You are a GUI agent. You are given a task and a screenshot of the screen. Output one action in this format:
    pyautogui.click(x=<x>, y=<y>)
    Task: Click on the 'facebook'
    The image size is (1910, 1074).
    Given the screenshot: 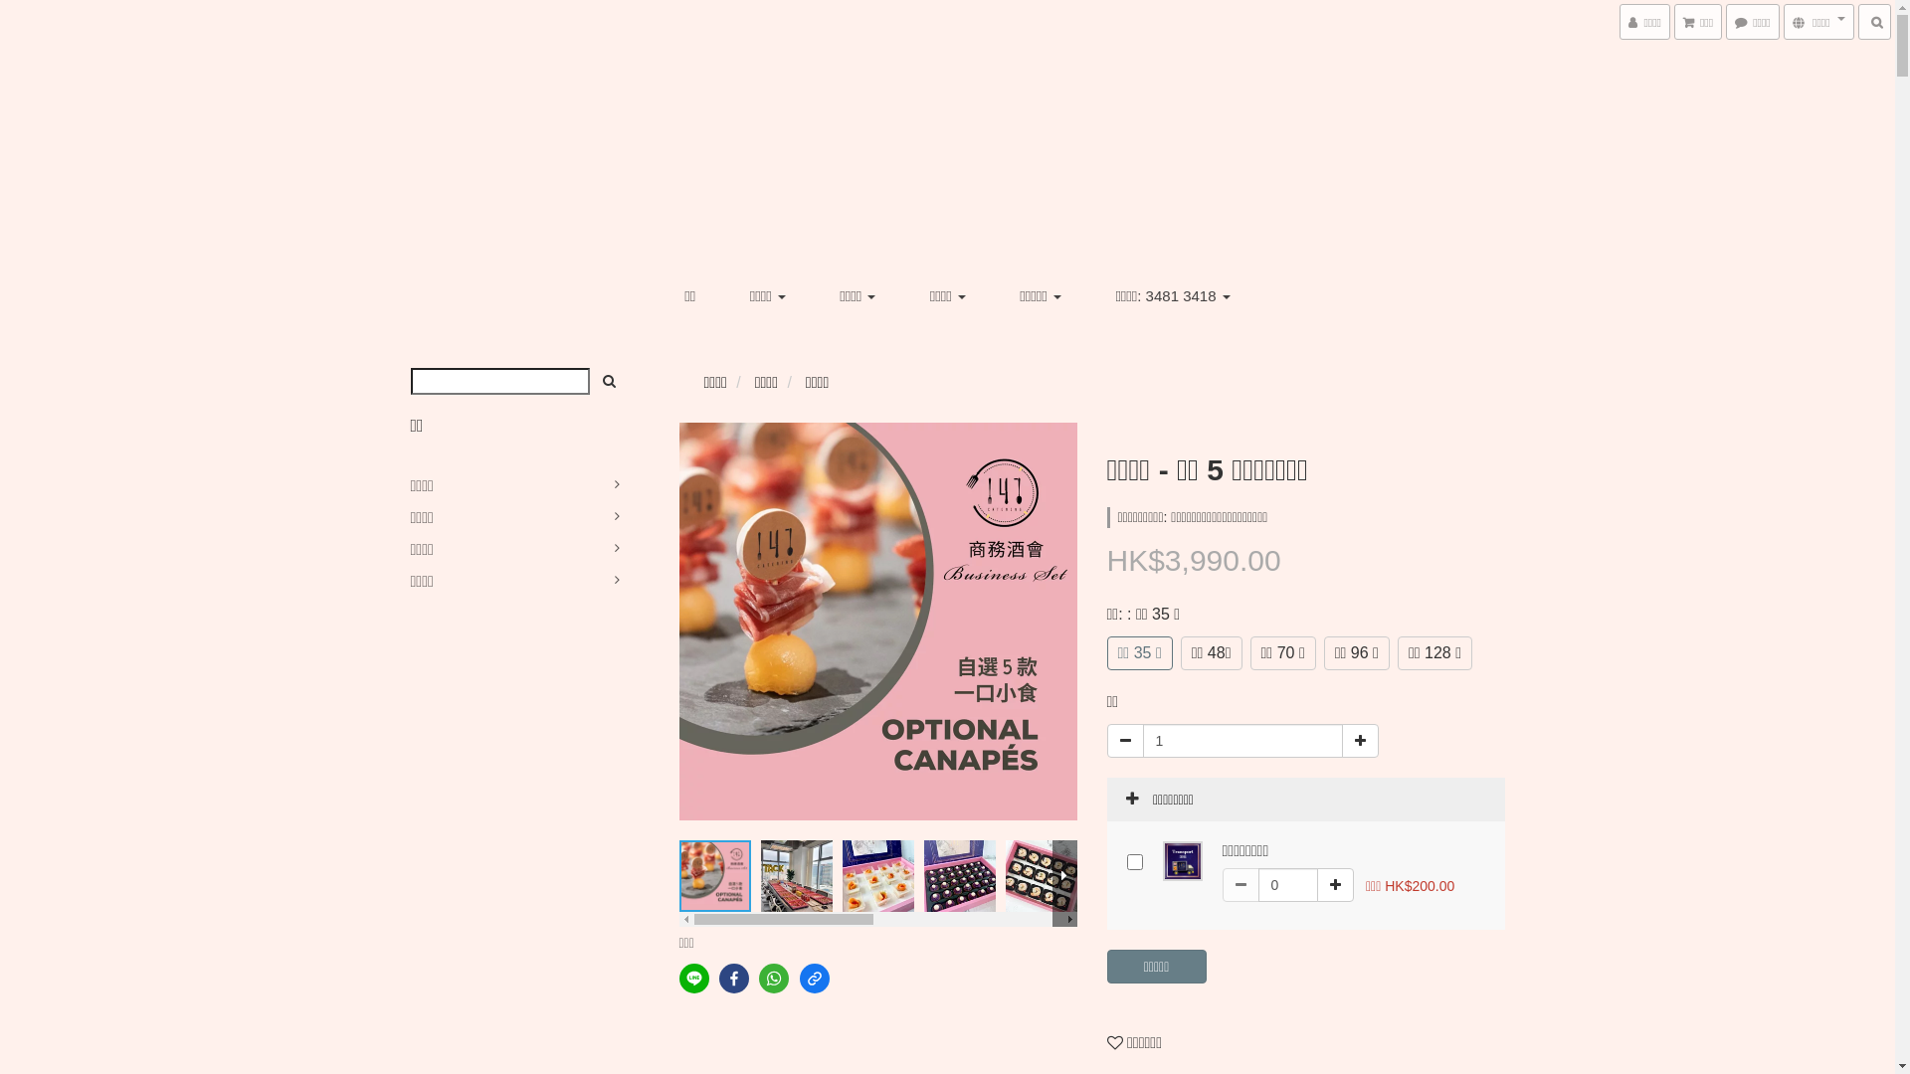 What is the action you would take?
    pyautogui.click(x=733, y=977)
    